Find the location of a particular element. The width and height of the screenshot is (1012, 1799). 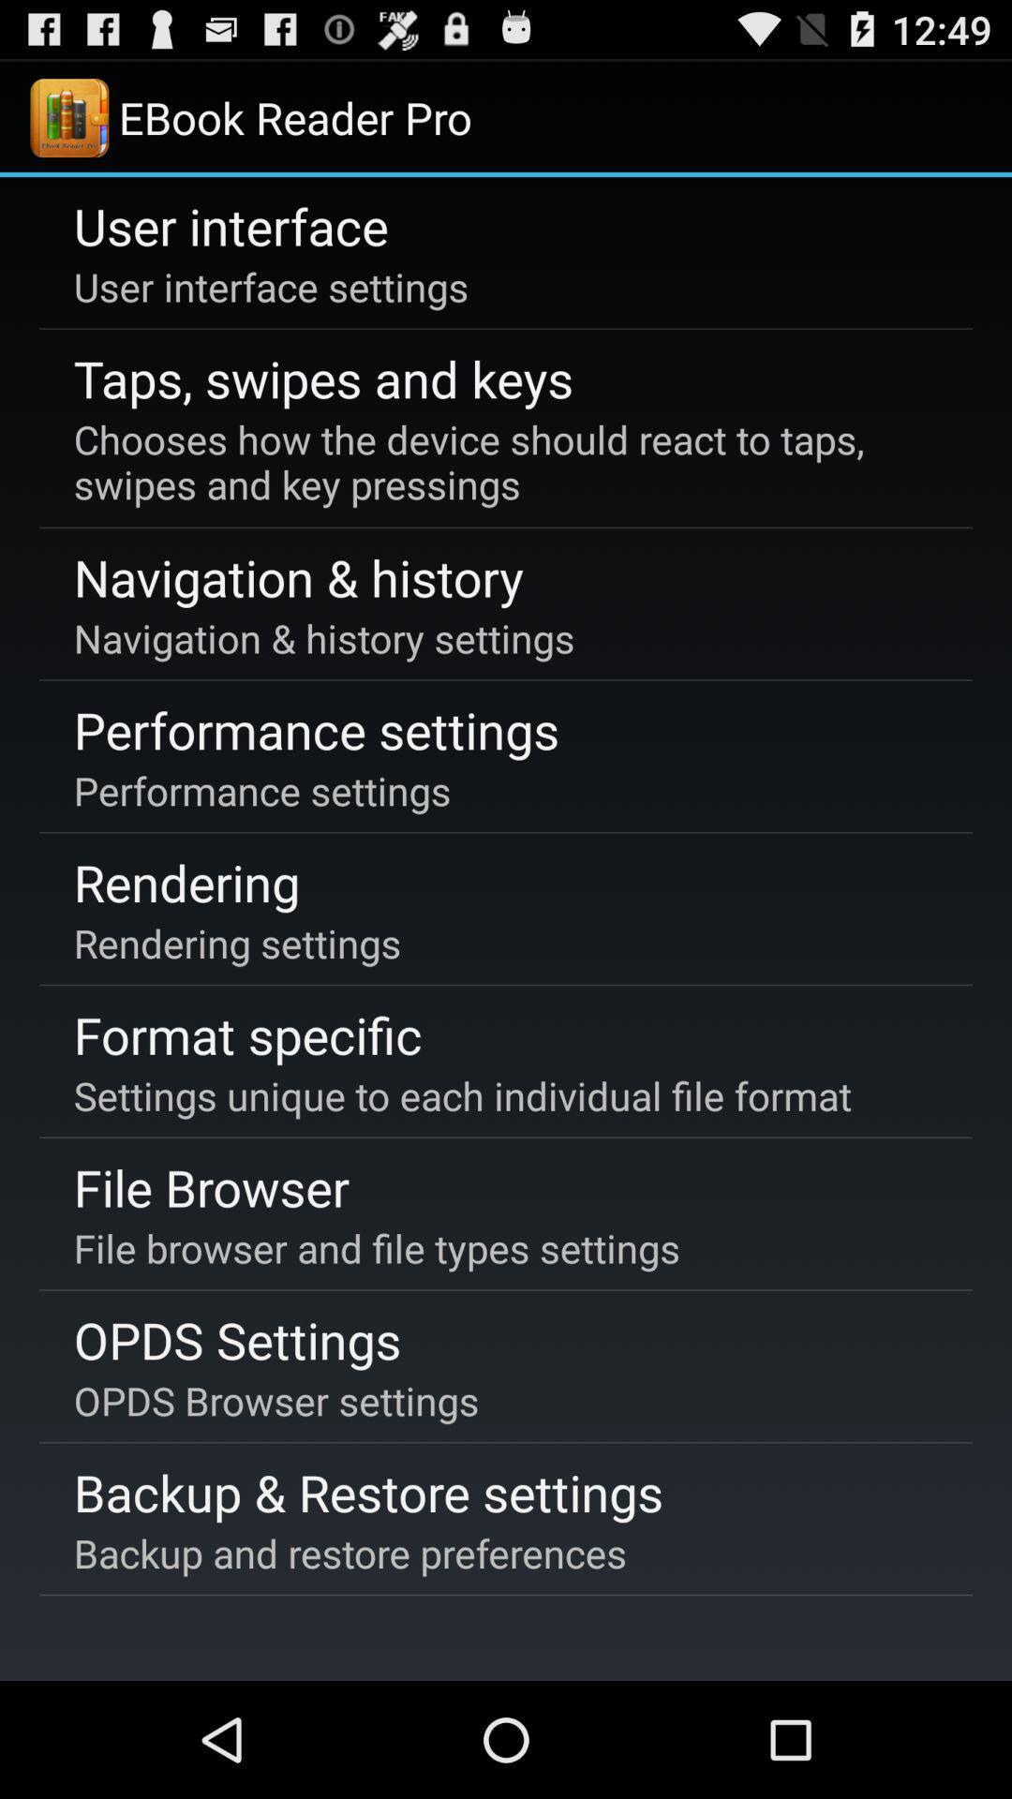

icon below the format specific app is located at coordinates (462, 1095).